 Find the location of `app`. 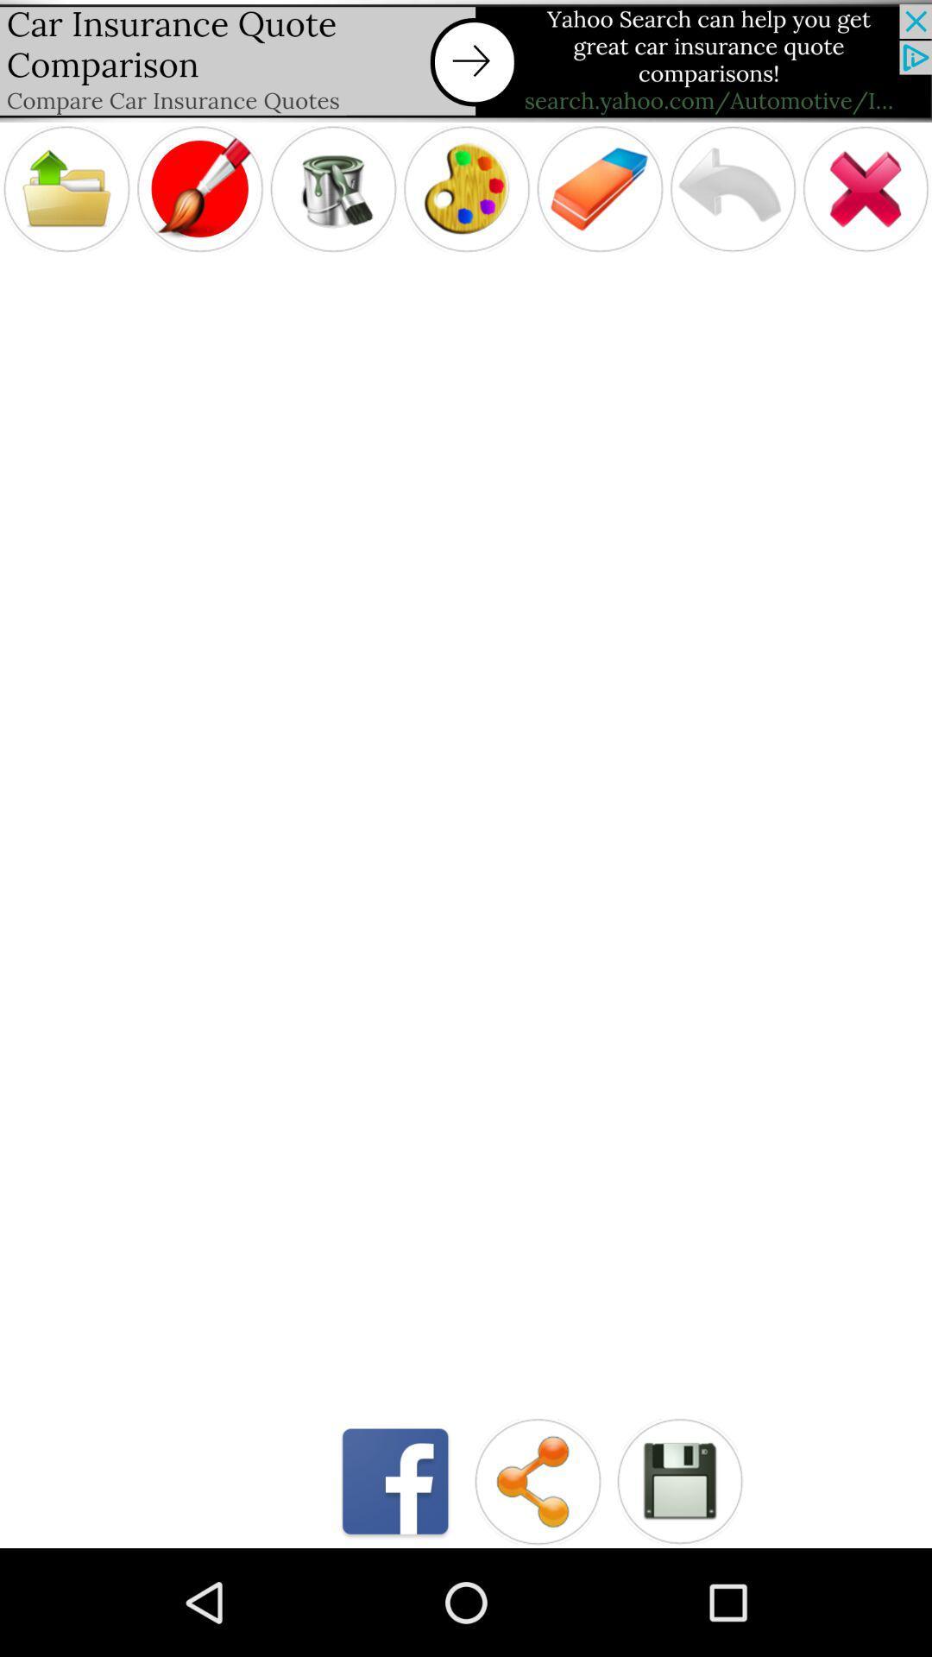

app is located at coordinates (866, 189).